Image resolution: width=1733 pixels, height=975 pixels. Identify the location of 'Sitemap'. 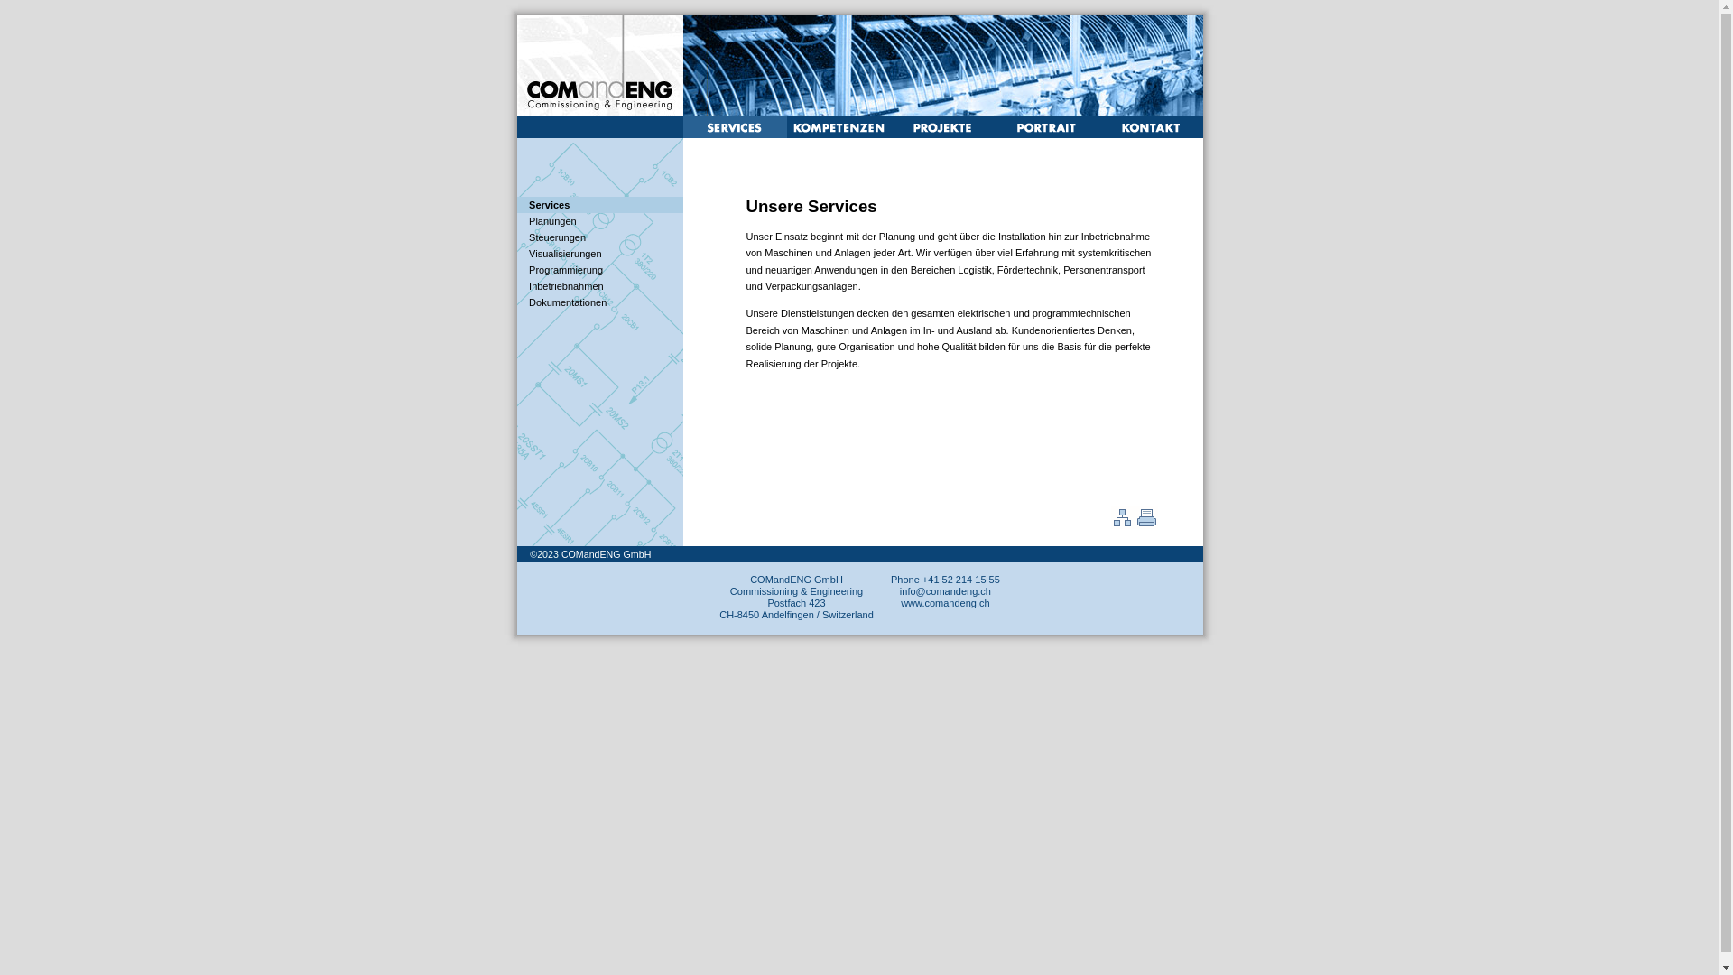
(1121, 525).